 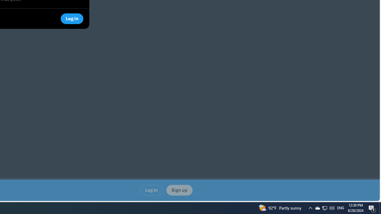 What do you see at coordinates (341, 207) in the screenshot?
I see `'Q2790: 100%'` at bounding box center [341, 207].